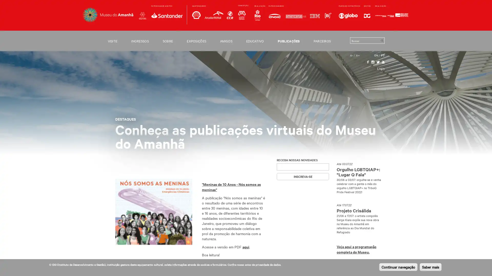 This screenshot has height=276, width=492. What do you see at coordinates (382, 40) in the screenshot?
I see `Submit` at bounding box center [382, 40].